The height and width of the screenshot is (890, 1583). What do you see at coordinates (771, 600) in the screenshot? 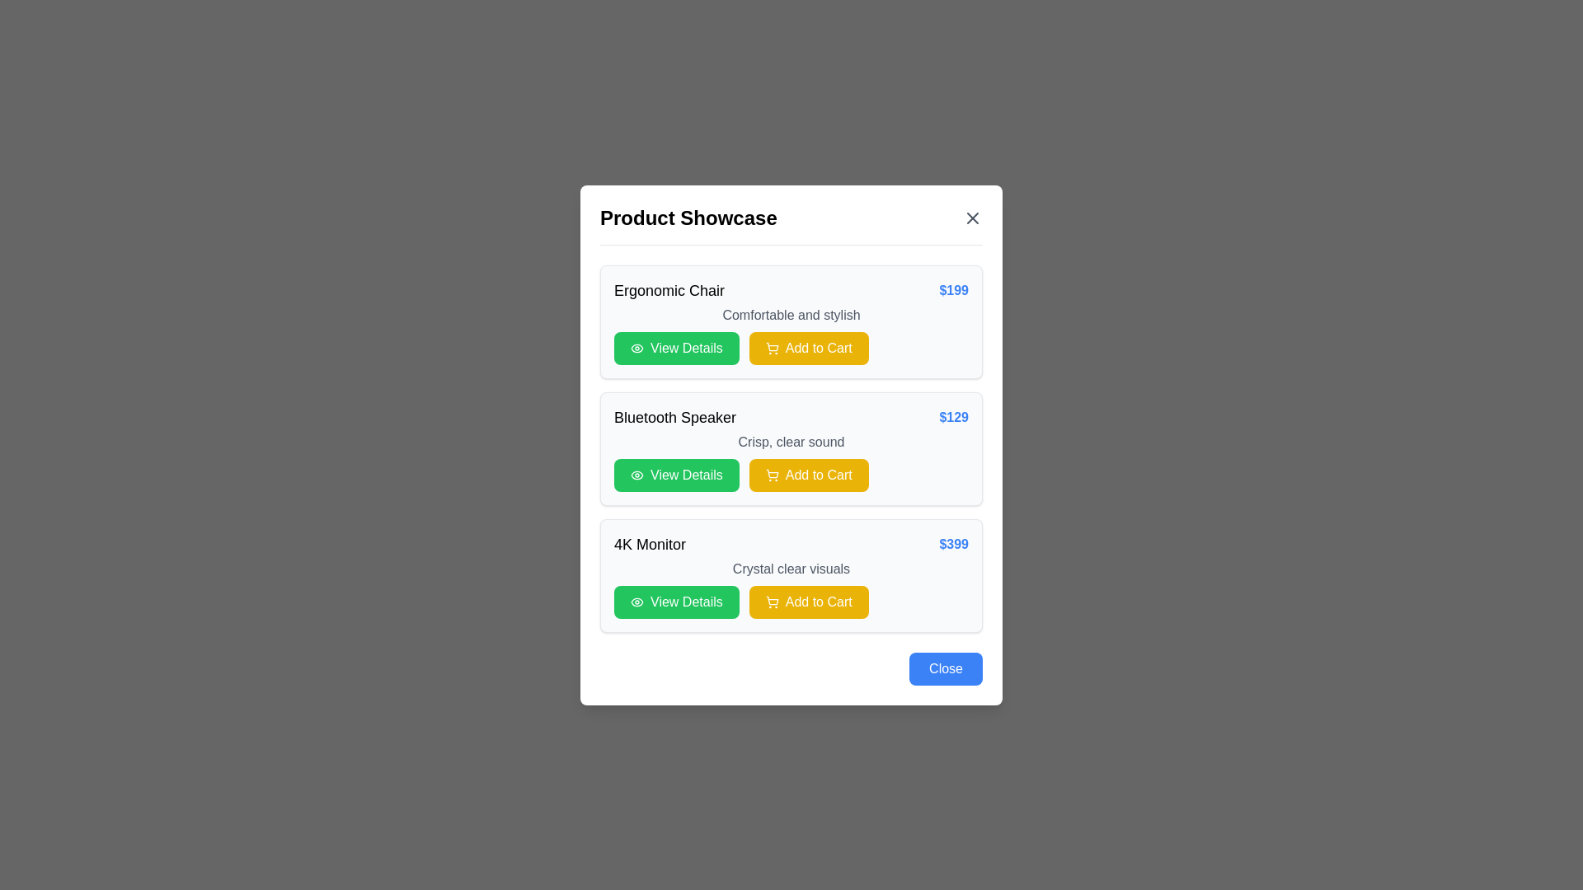
I see `the shopping cart icon located directly to the right of the 'Add to Cart' button for the '4K Monitor' item in the product showcase dialog` at bounding box center [771, 600].